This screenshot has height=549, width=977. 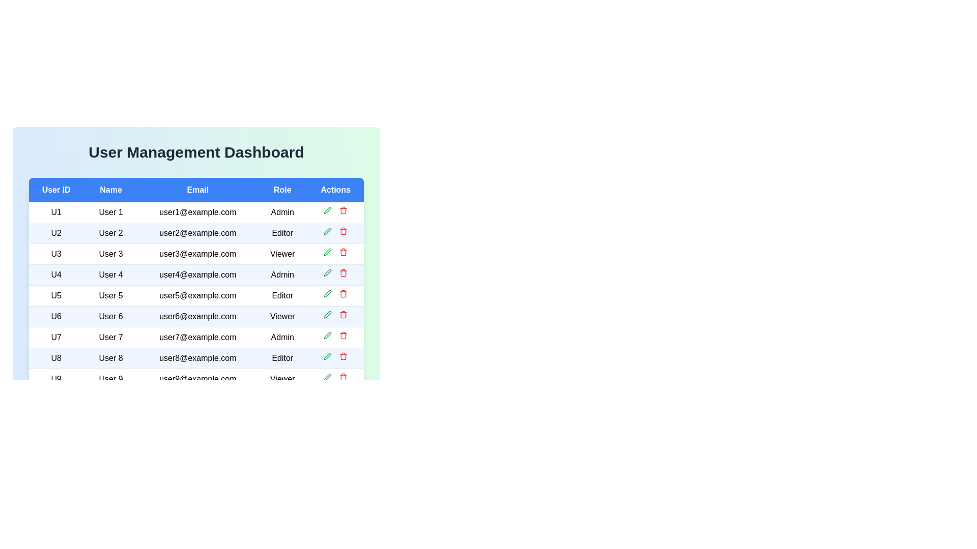 What do you see at coordinates (343, 356) in the screenshot?
I see `delete button for the user with ID U8` at bounding box center [343, 356].